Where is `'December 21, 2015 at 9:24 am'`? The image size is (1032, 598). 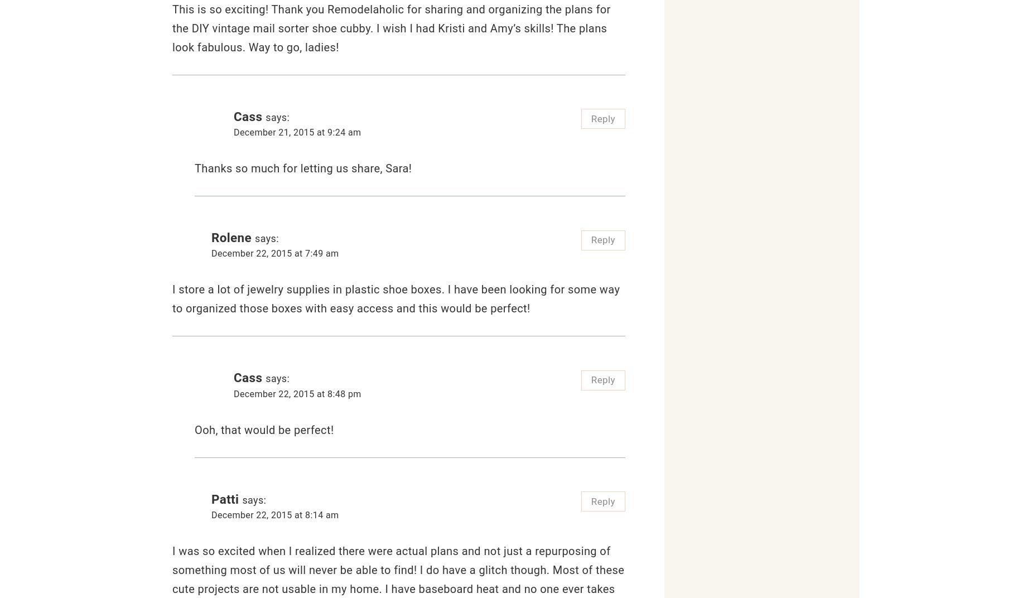
'December 21, 2015 at 9:24 am' is located at coordinates (297, 132).